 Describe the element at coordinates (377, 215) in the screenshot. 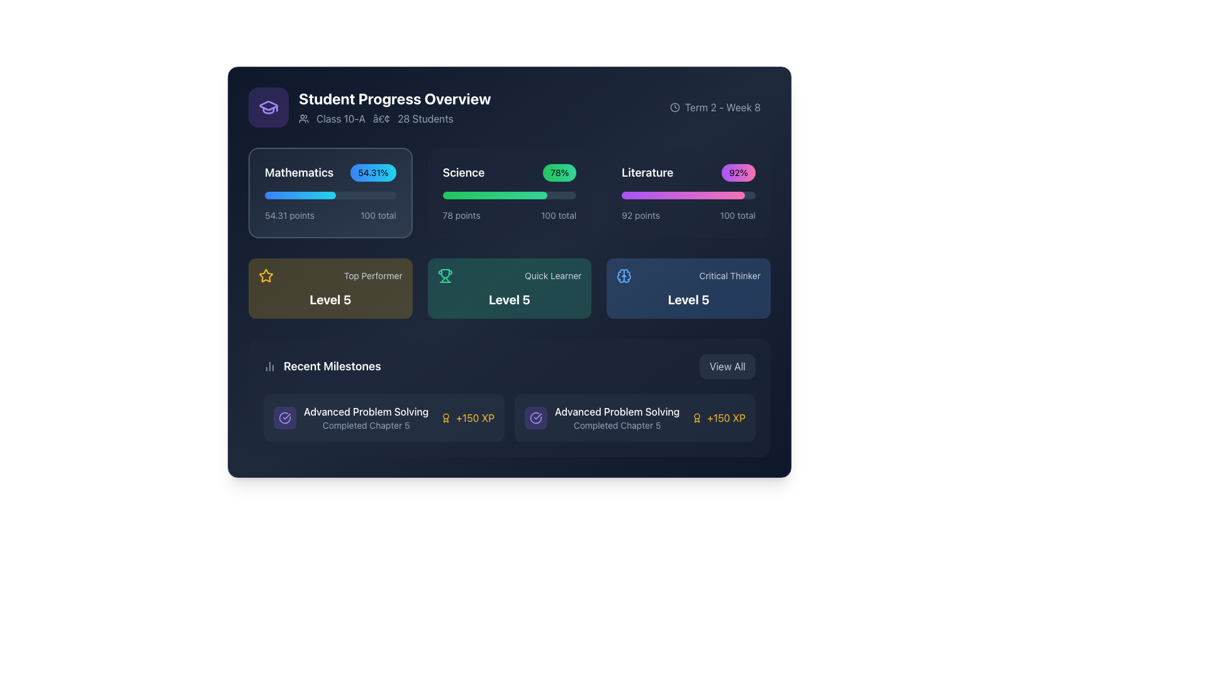

I see `the text label displaying '100 total' in light gray color, located at the bottom right corner of the 'Mathematics' section, adjacent to '54.31 points'` at that location.